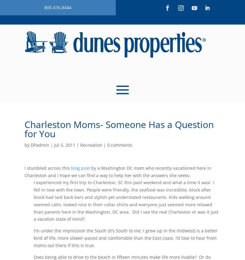  What do you see at coordinates (125, 238) in the screenshot?
I see `'I’m under the impression the South (it’s South to me; I grew up in the midwest) is a better kind of life, more slower-paced and comfortable than the East coast. I’d love to hear from moms out there if this is true.'` at bounding box center [125, 238].